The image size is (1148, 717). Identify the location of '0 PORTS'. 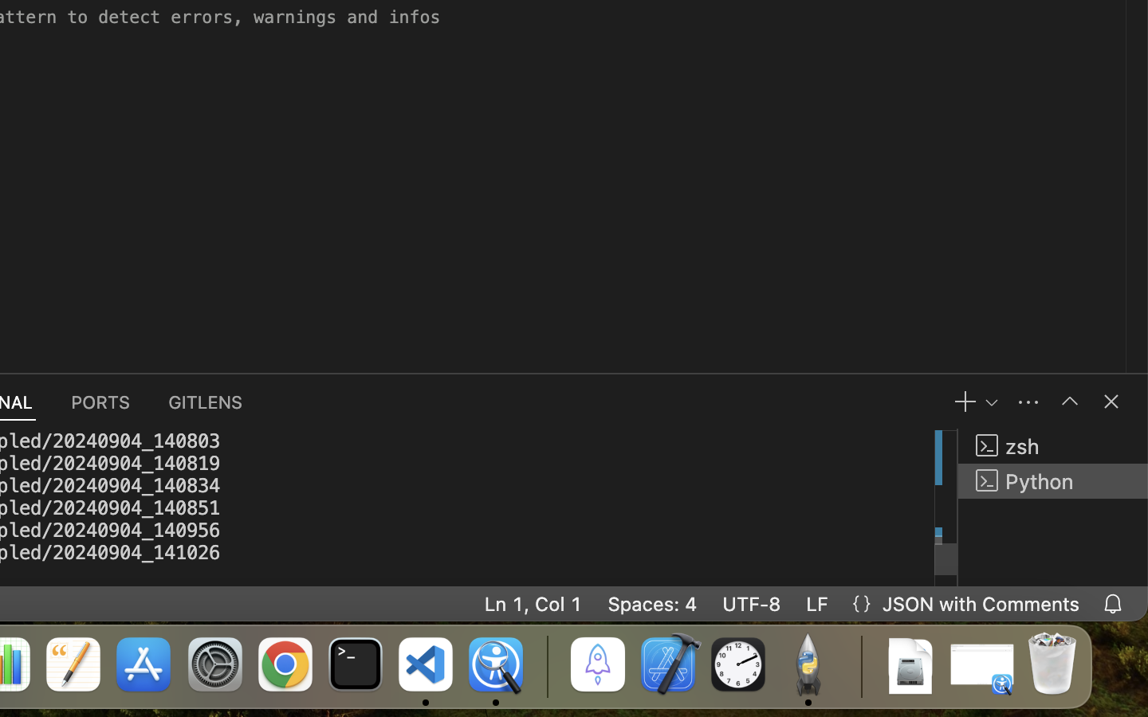
(100, 401).